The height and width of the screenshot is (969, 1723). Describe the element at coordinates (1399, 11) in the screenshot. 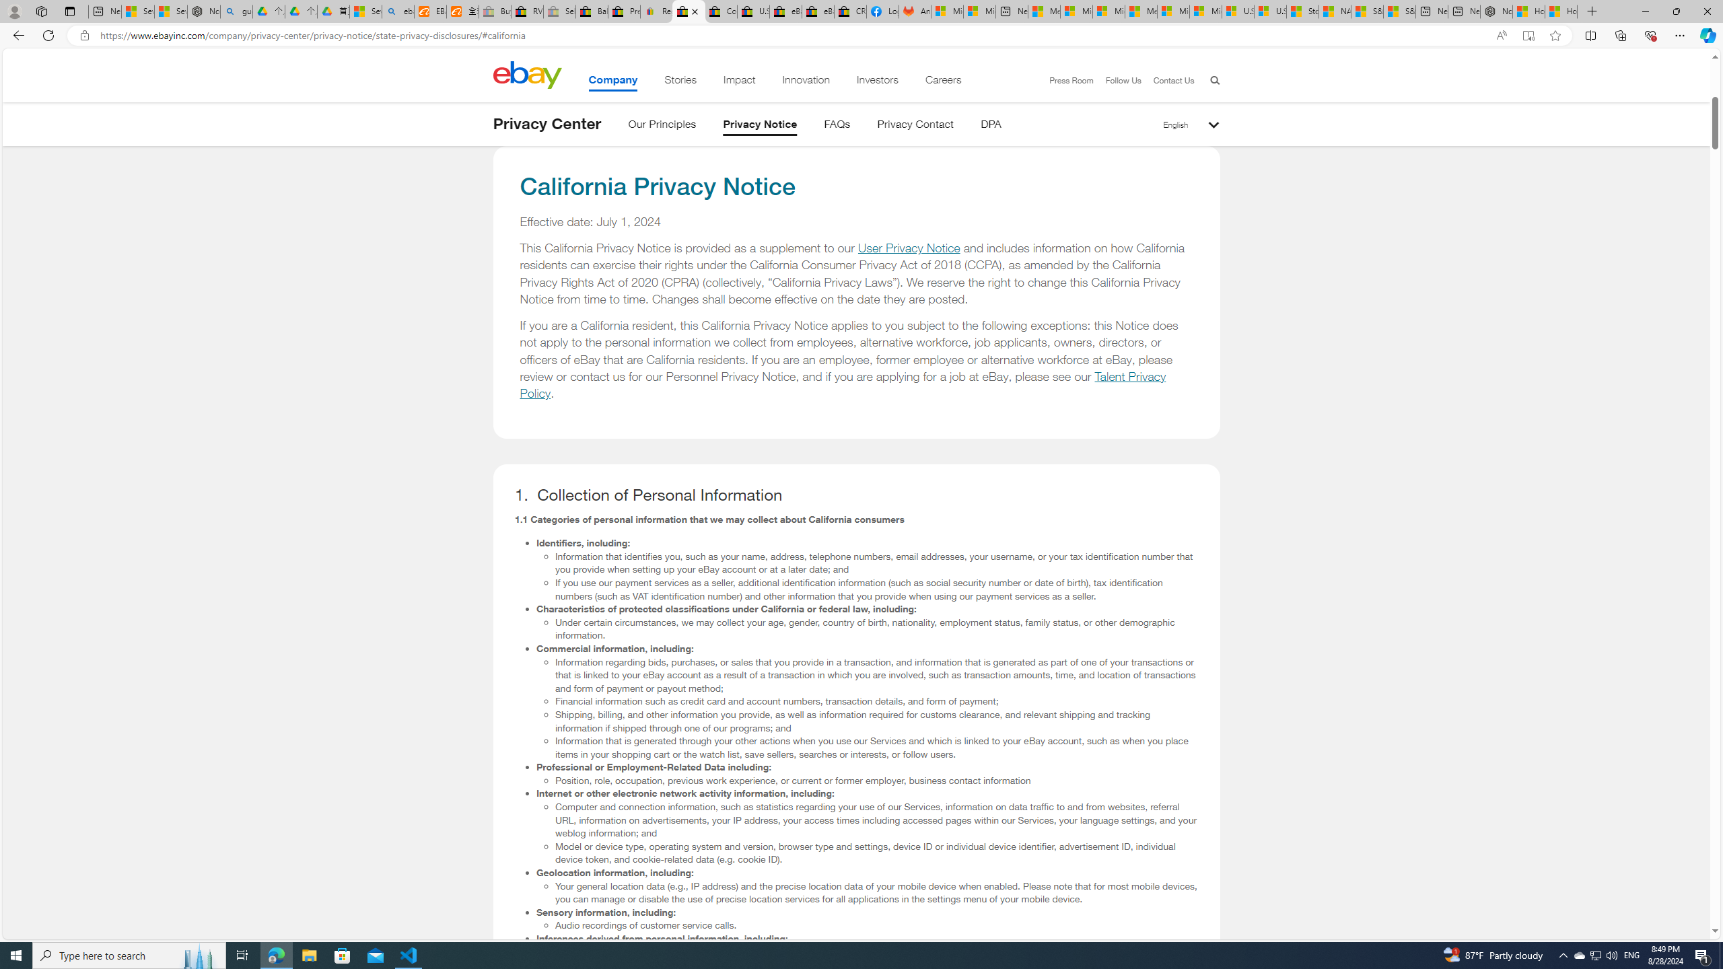

I see `'S&P 500, Nasdaq end lower, weighed by Nvidia dip | Watch'` at that location.